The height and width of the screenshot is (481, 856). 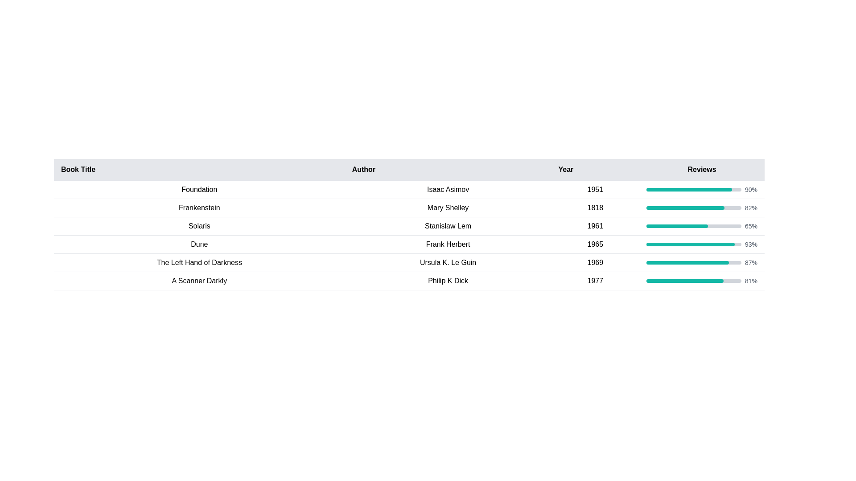 I want to click on the third row of the main content table that represents a book entry, so click(x=408, y=226).